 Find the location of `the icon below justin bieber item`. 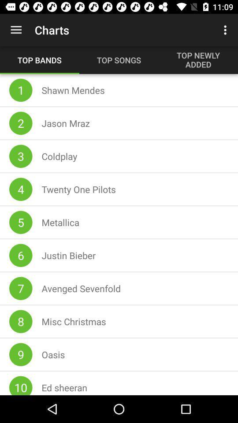

the icon below justin bieber item is located at coordinates (81, 288).